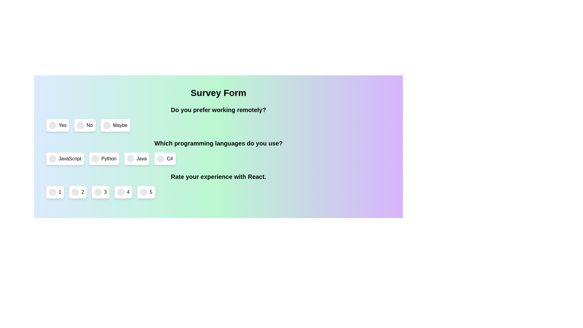 The height and width of the screenshot is (328, 583). What do you see at coordinates (98, 192) in the screenshot?
I see `the rating button representing a score of 3 in the 'Rate your experience with React.' survey section` at bounding box center [98, 192].